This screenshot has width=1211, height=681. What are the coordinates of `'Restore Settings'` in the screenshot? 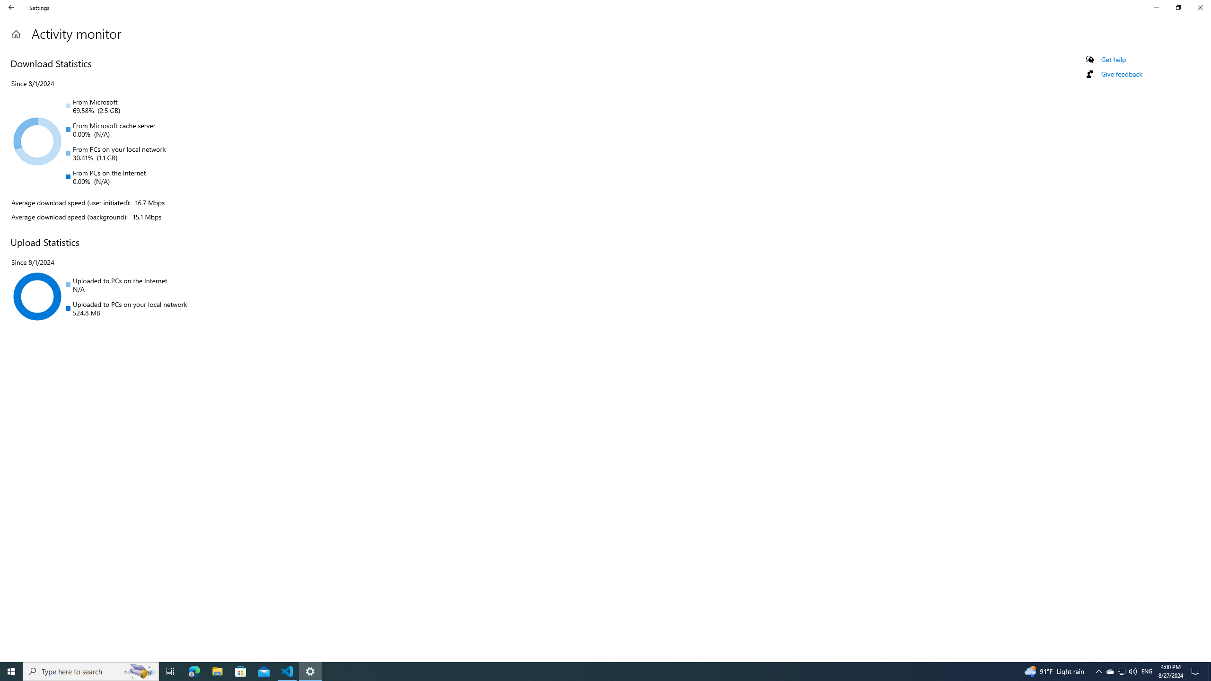 It's located at (1178, 7).